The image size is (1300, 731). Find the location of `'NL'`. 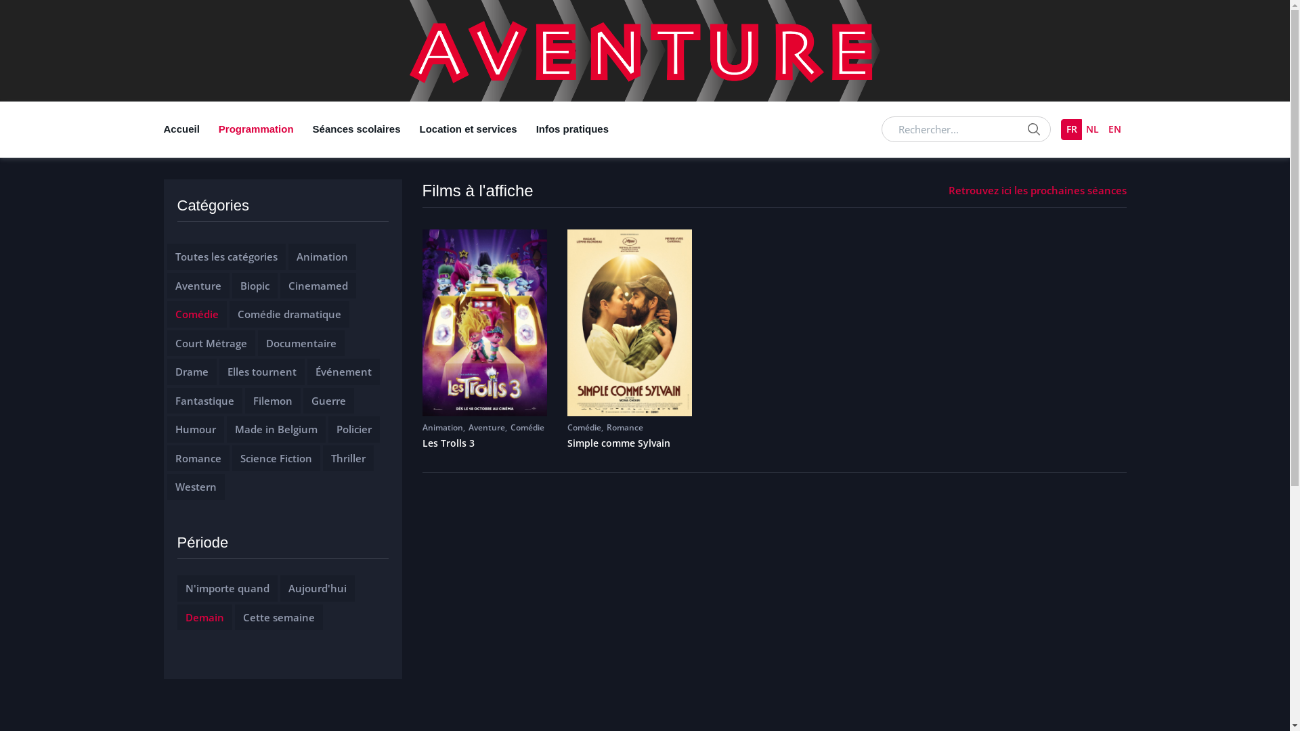

'NL' is located at coordinates (1092, 129).